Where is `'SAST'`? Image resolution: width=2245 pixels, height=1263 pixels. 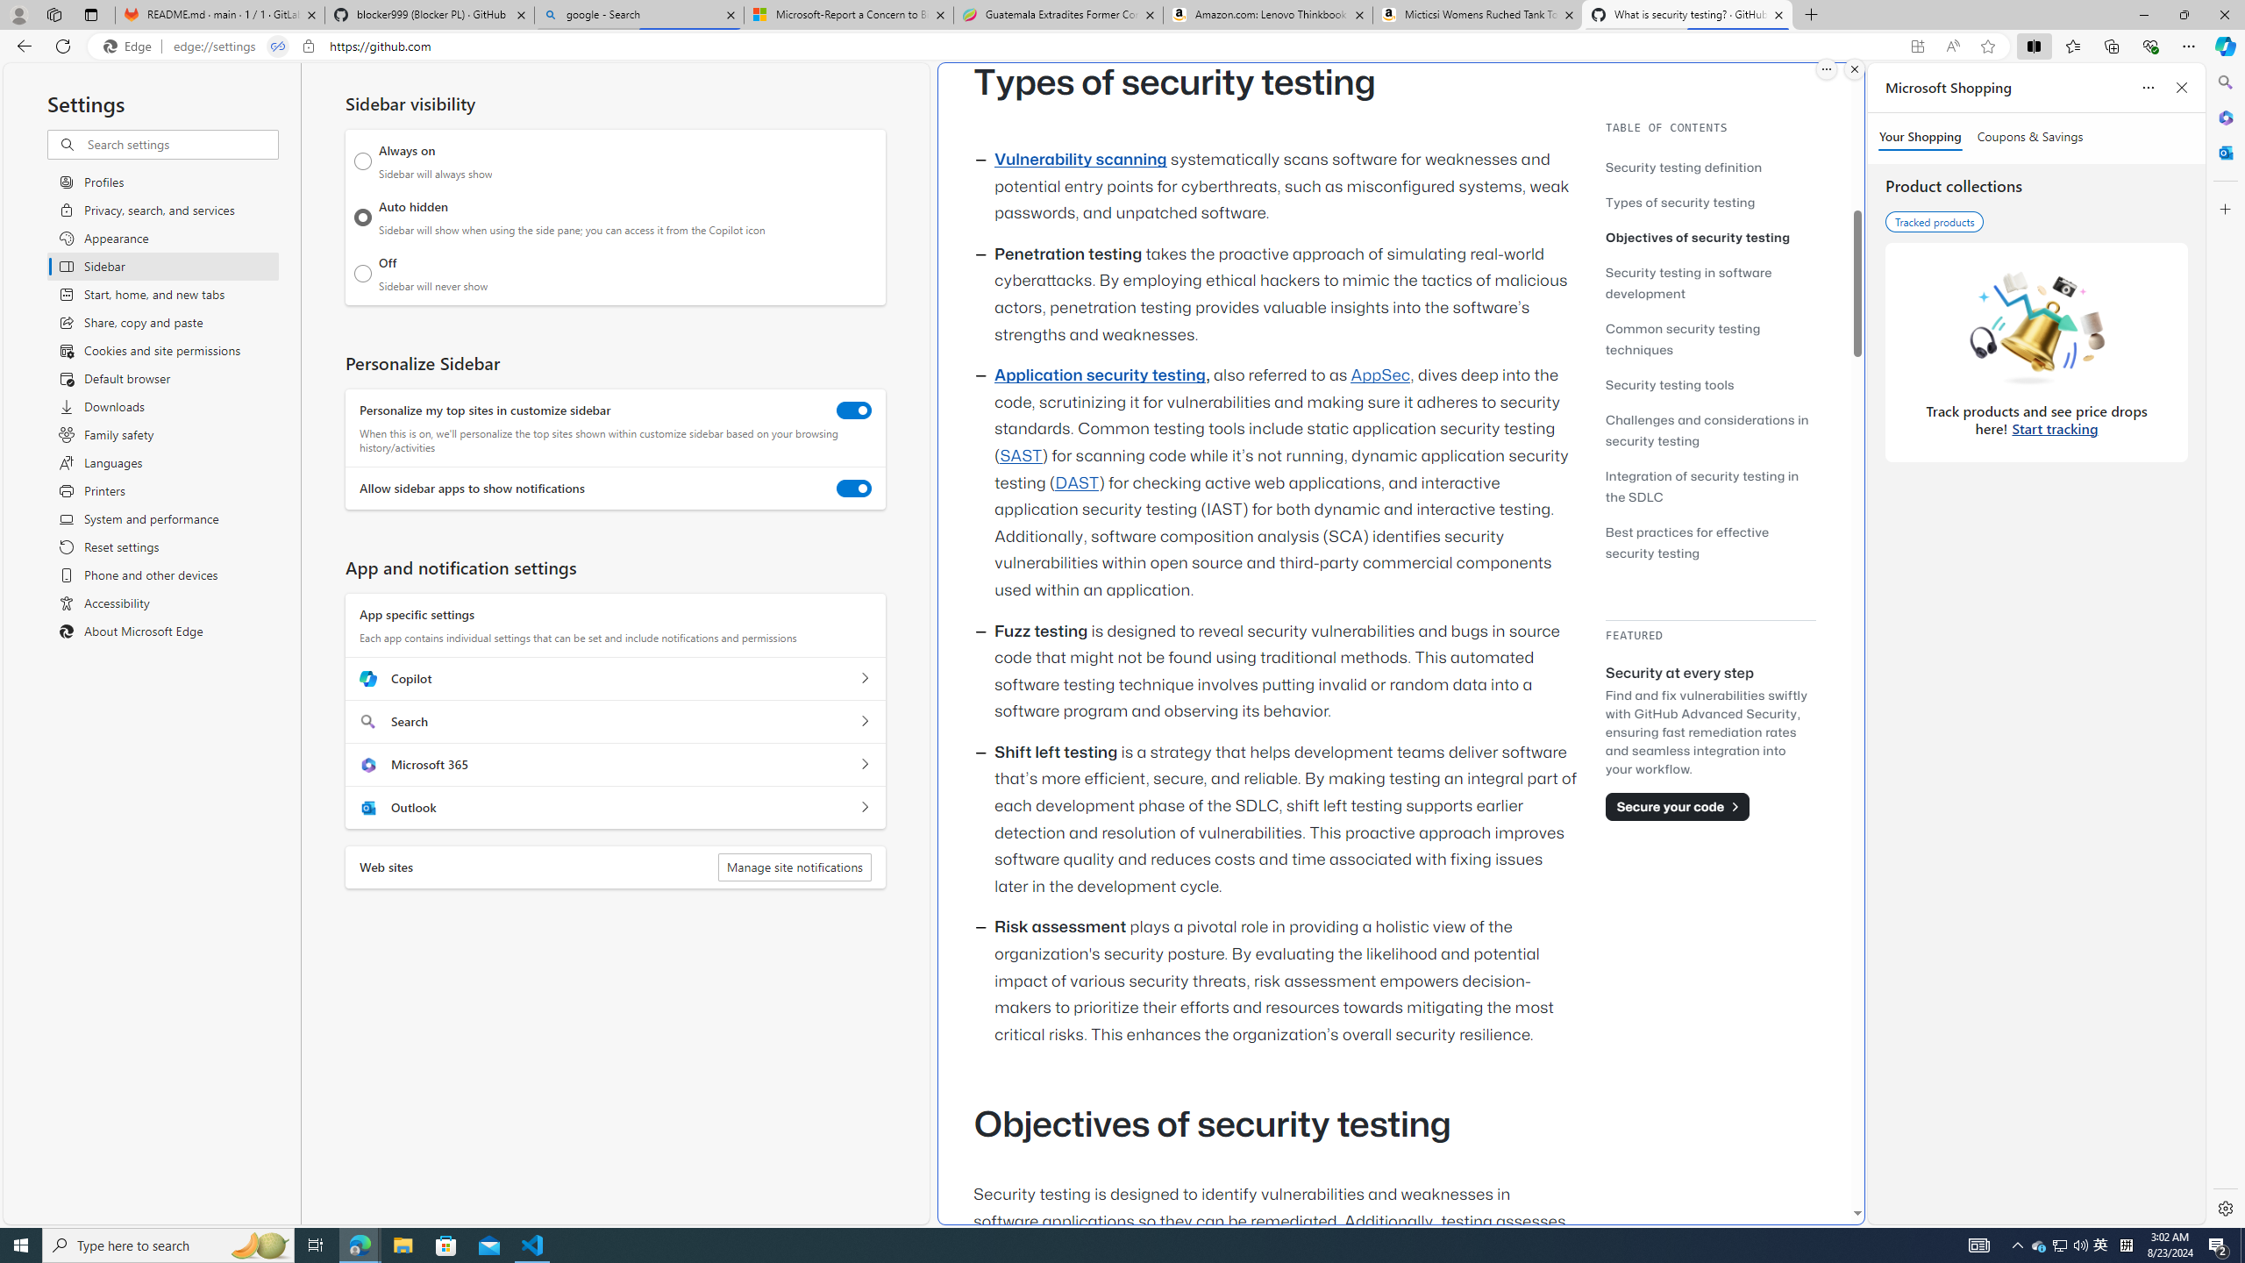 'SAST' is located at coordinates (1019, 454).